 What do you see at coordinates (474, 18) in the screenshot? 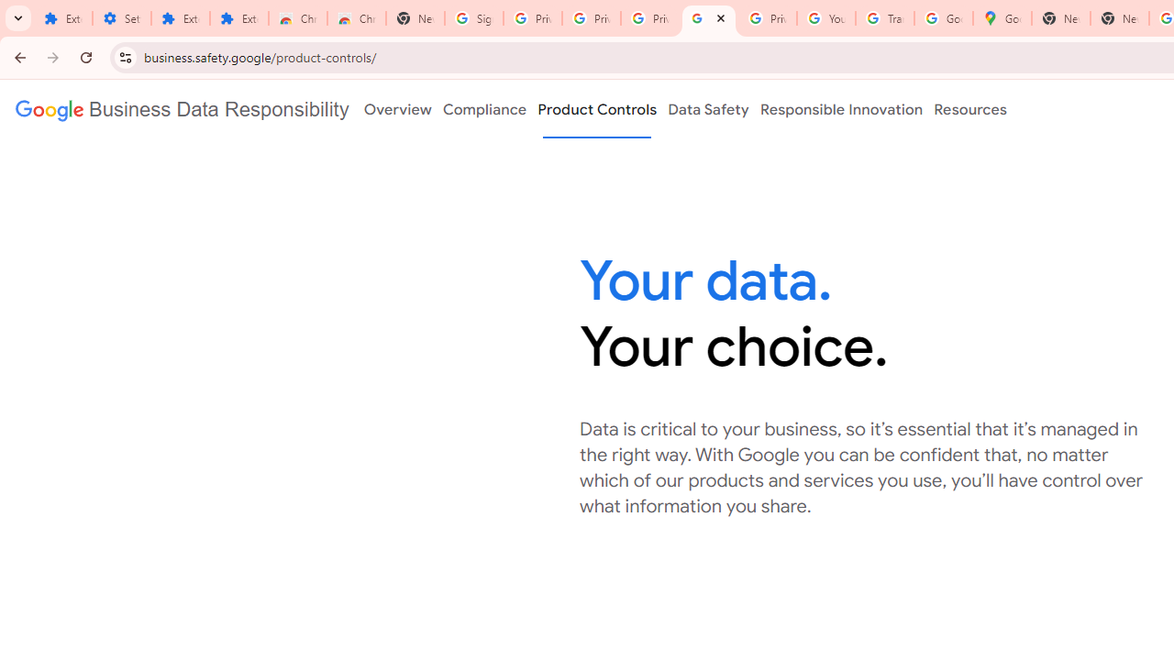
I see `'Sign in - Google Accounts'` at bounding box center [474, 18].